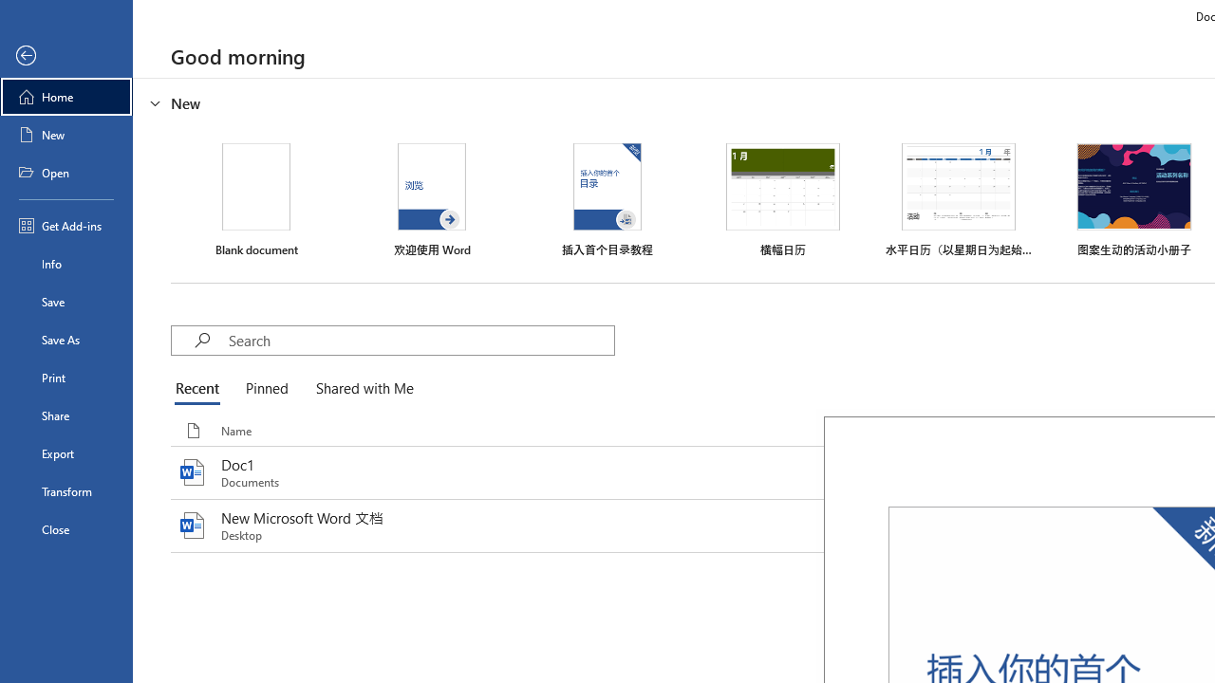 The image size is (1215, 683). Describe the element at coordinates (65, 338) in the screenshot. I see `'Save As'` at that location.